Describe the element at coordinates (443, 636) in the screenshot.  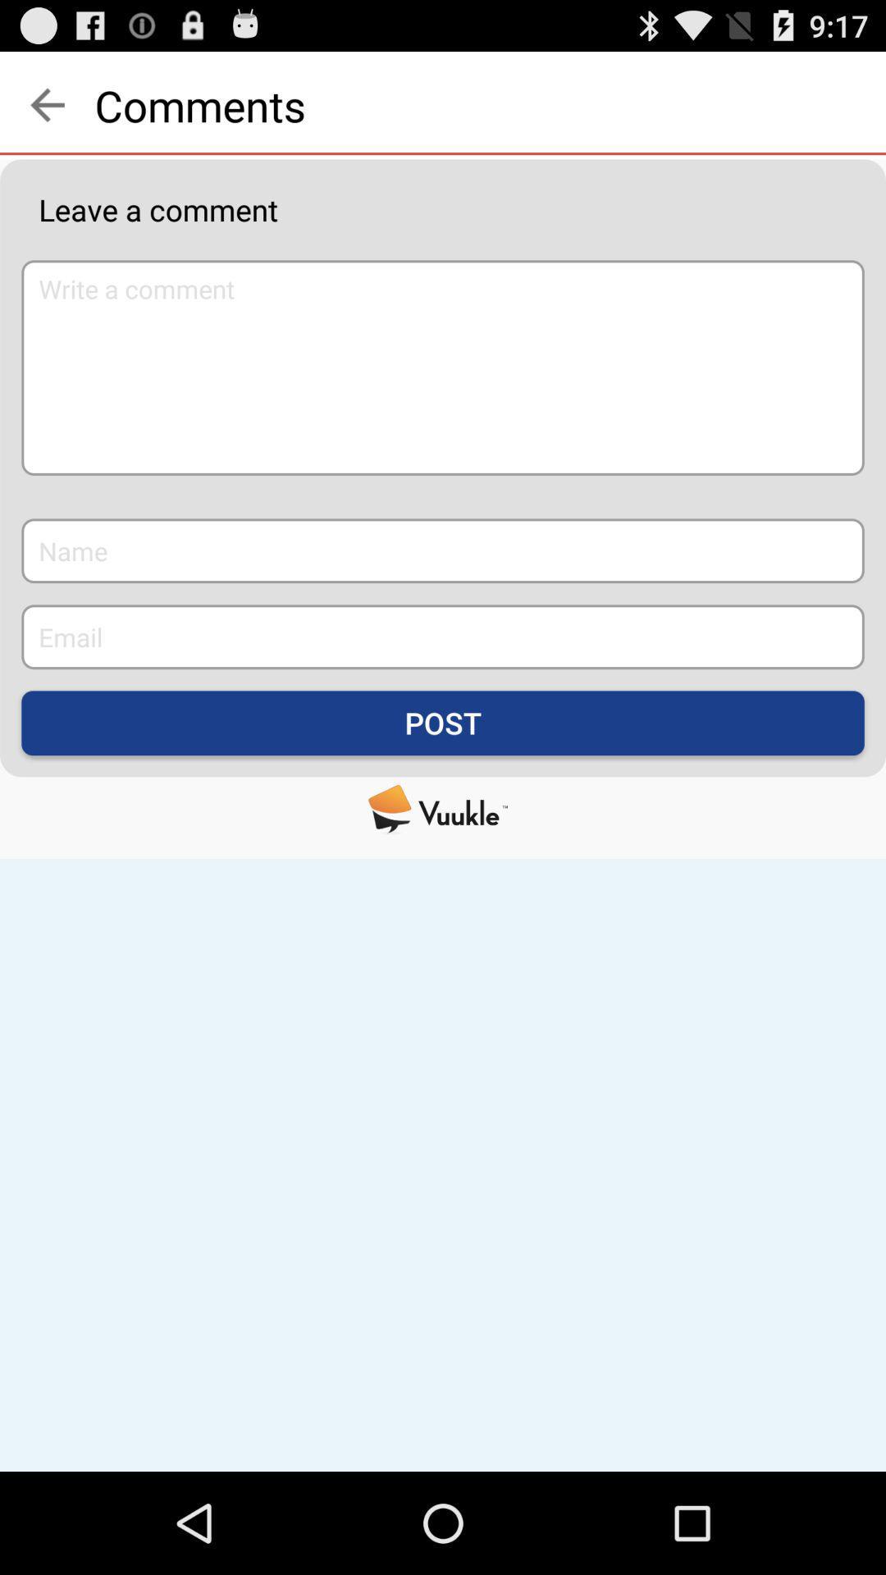
I see `the email box` at that location.